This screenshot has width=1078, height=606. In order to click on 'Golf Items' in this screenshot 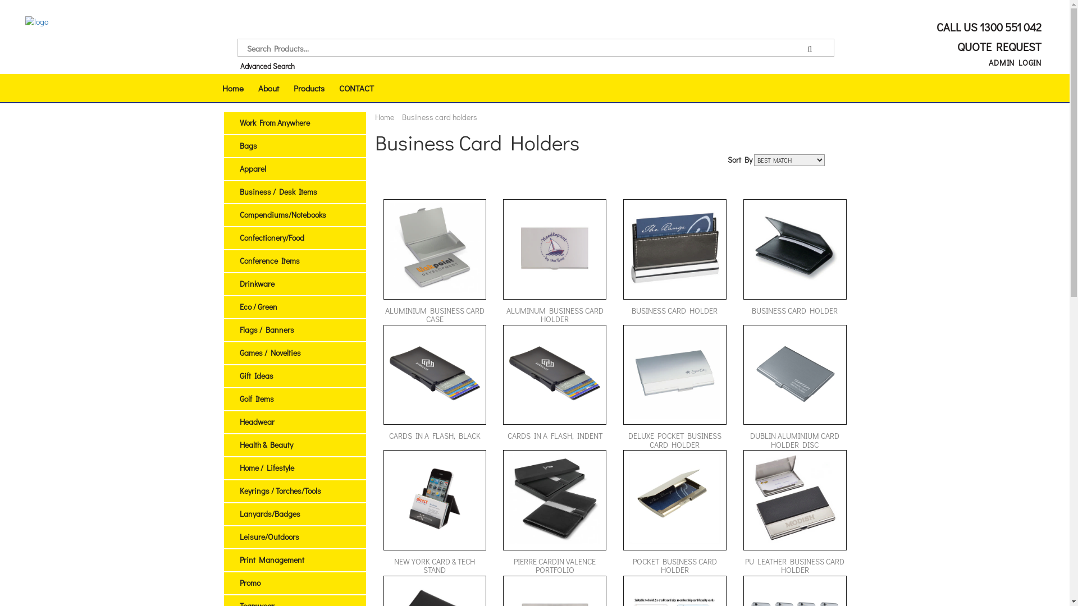, I will do `click(255, 398)`.